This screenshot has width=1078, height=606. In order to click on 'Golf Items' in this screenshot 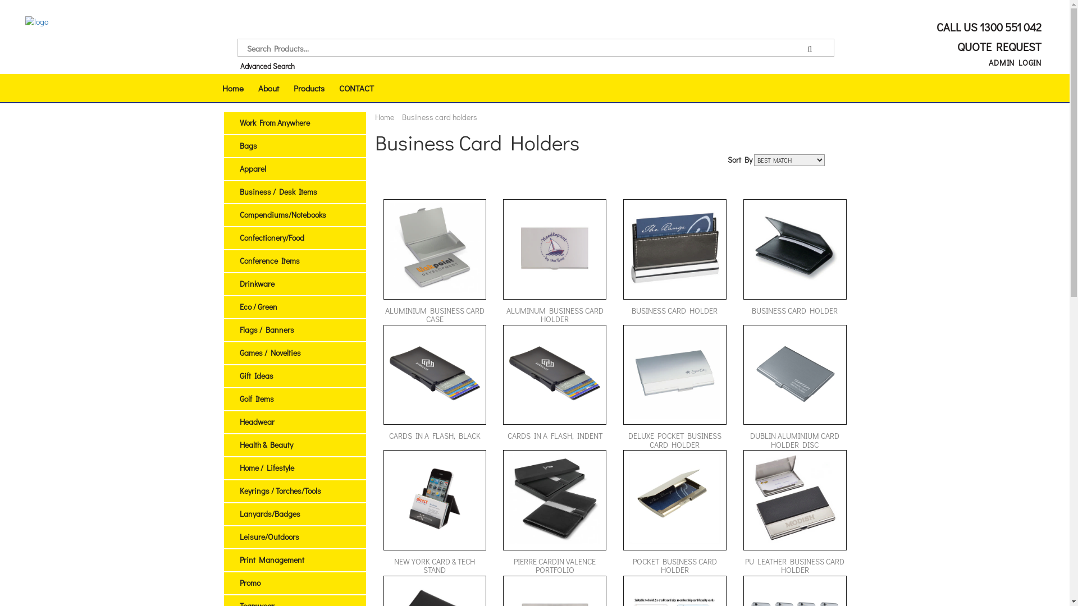, I will do `click(255, 398)`.